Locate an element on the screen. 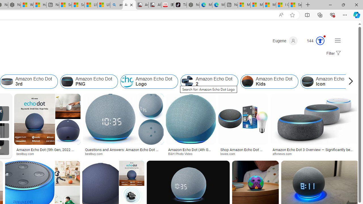 This screenshot has height=204, width=363. 'Amazon Echo Dot Logo' is located at coordinates (149, 82).